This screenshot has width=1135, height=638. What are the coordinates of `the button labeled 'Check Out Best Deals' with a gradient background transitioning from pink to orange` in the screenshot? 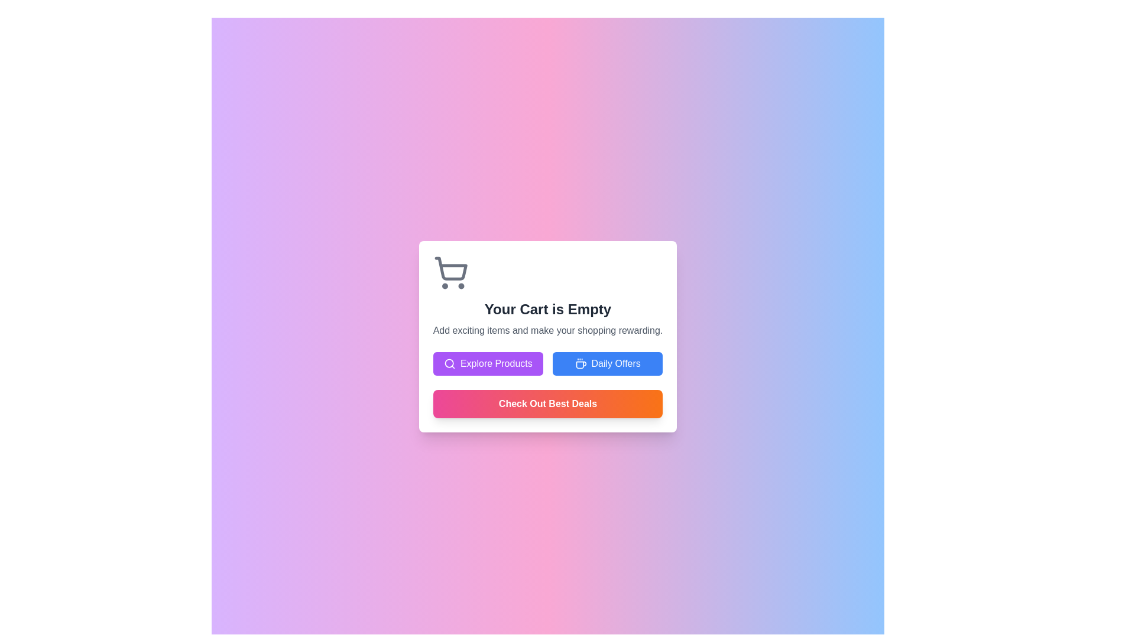 It's located at (547, 403).